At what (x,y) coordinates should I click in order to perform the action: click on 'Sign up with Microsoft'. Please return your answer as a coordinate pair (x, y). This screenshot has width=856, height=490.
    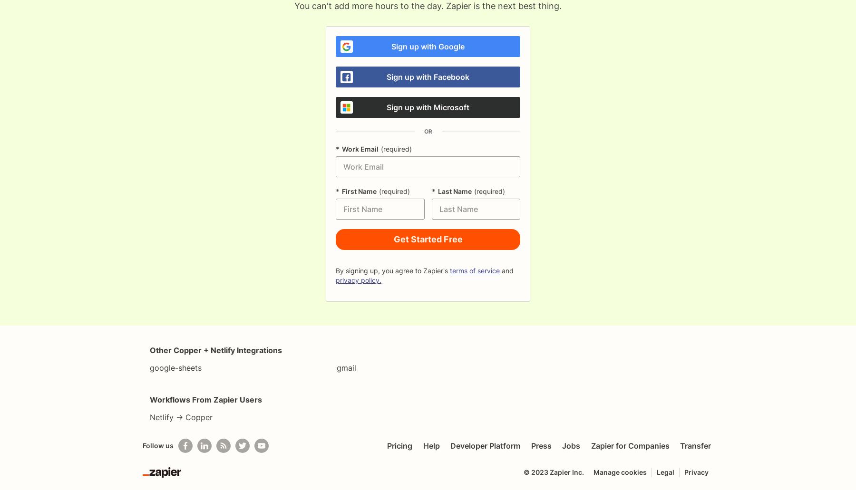
    Looking at the image, I should click on (428, 107).